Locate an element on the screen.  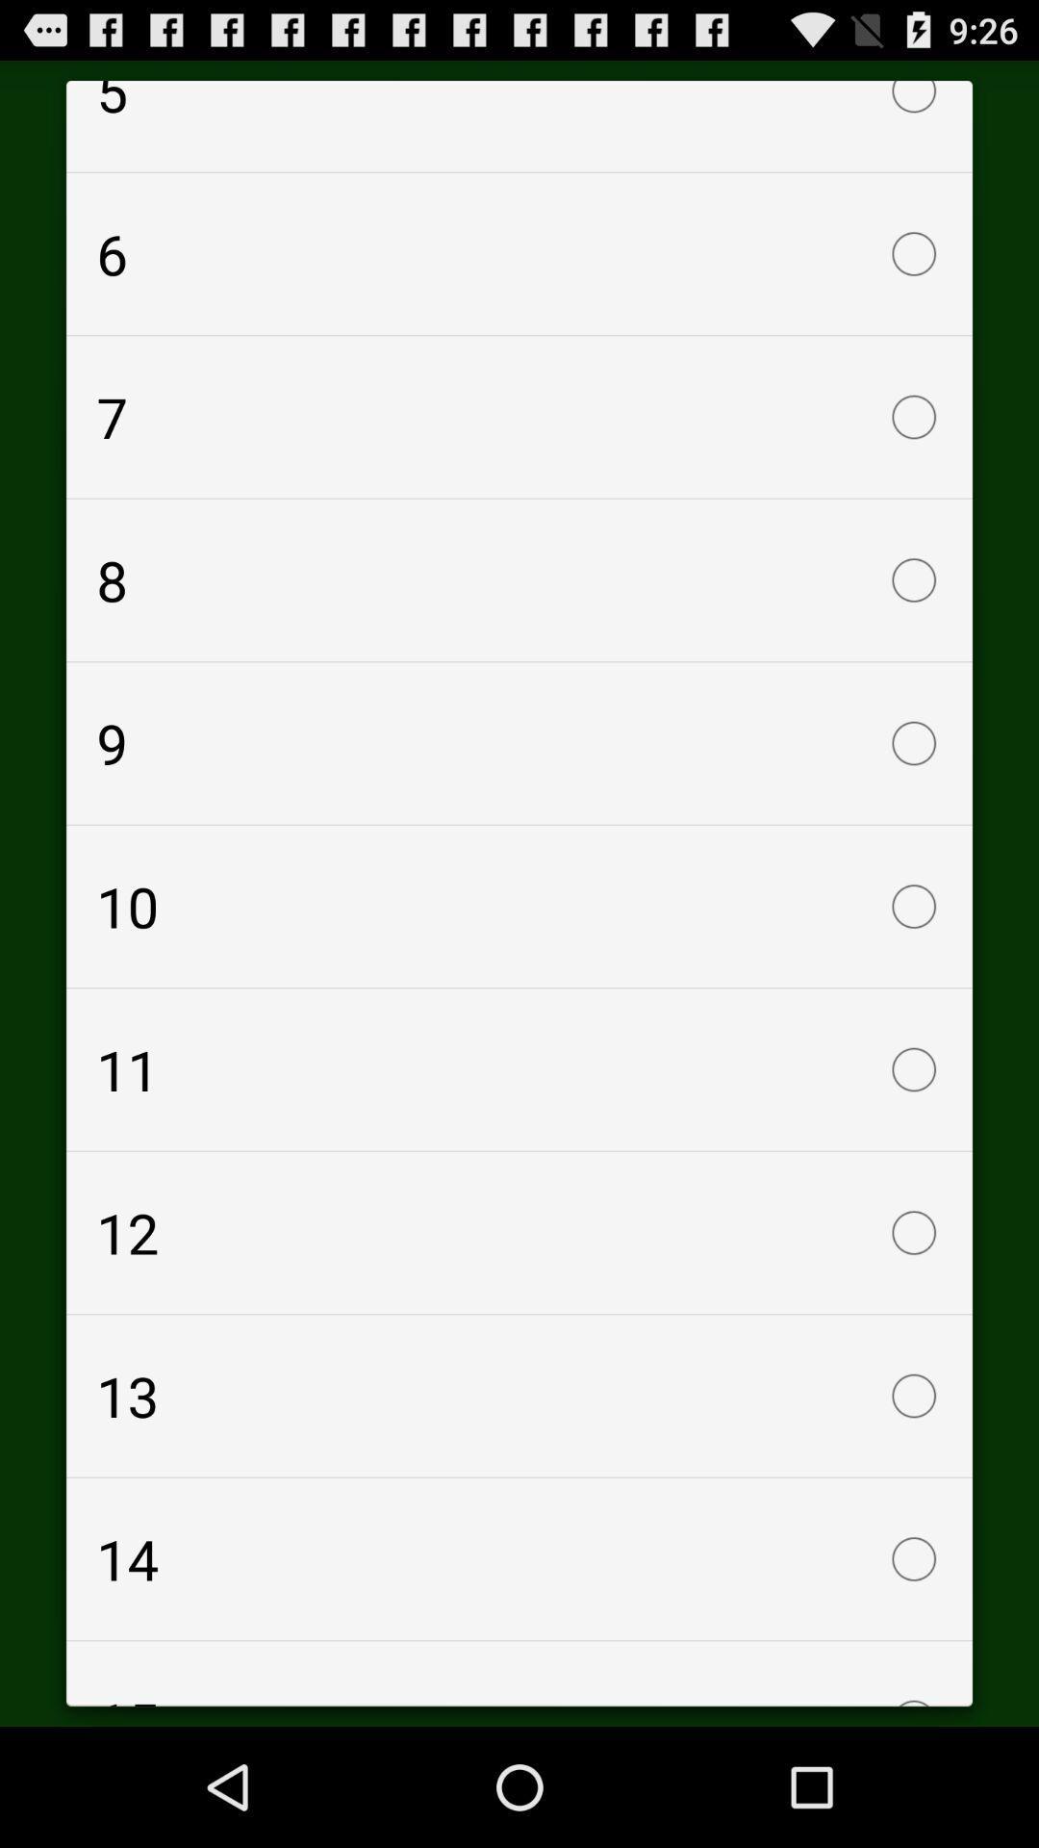
item above 7 checkbox is located at coordinates (519, 253).